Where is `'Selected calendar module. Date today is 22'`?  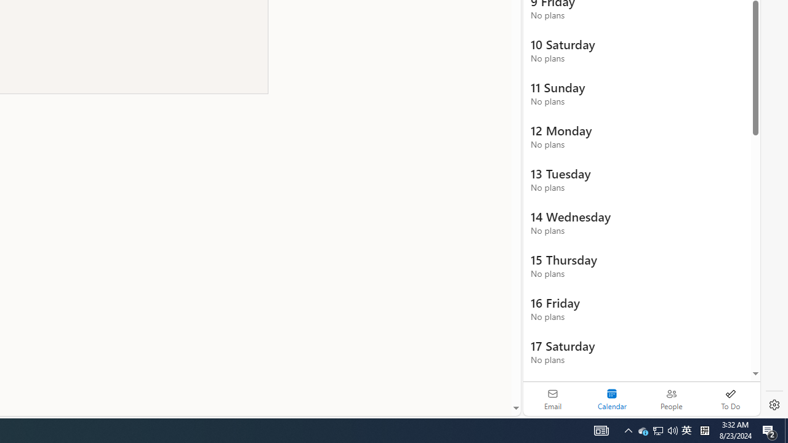
'Selected calendar module. Date today is 22' is located at coordinates (612, 399).